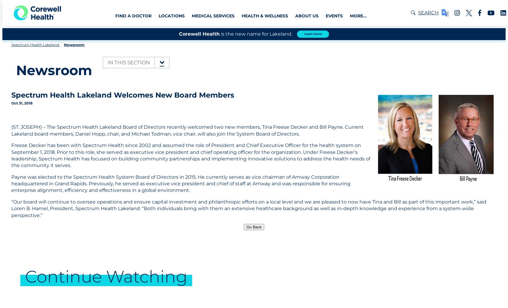  What do you see at coordinates (25, 276) in the screenshot?
I see `'Continue Watching'` at bounding box center [25, 276].